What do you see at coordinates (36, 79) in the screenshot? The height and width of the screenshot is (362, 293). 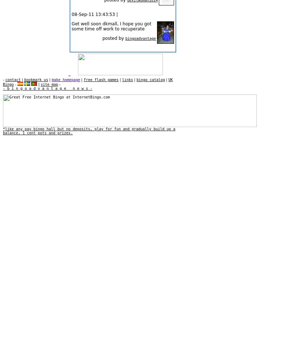 I see `'bookmark us'` at bounding box center [36, 79].